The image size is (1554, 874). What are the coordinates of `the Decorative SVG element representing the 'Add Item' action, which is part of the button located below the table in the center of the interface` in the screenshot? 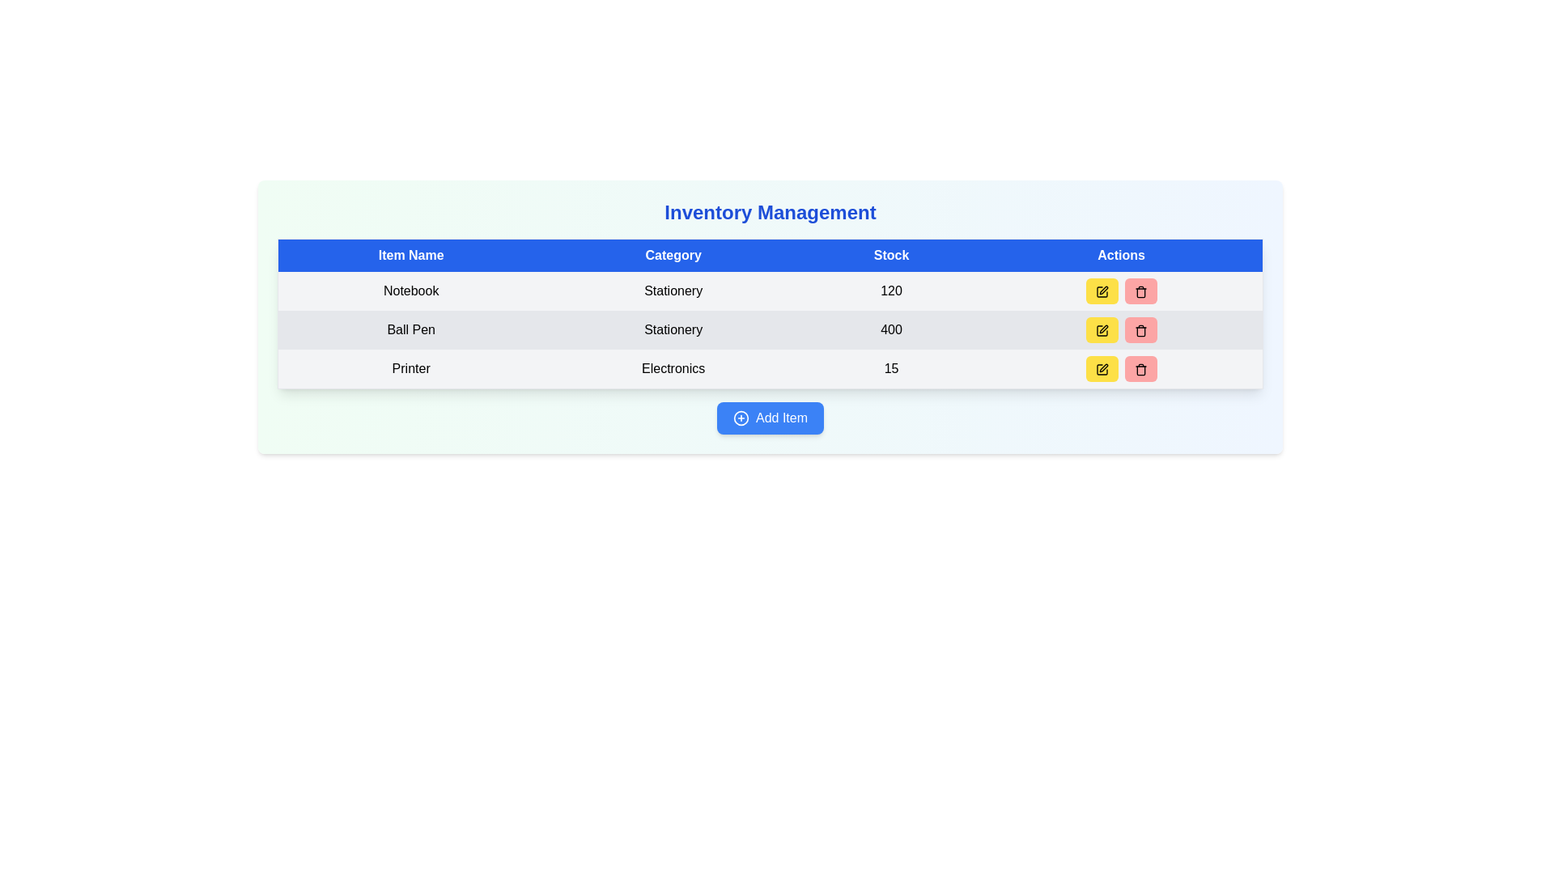 It's located at (741, 417).